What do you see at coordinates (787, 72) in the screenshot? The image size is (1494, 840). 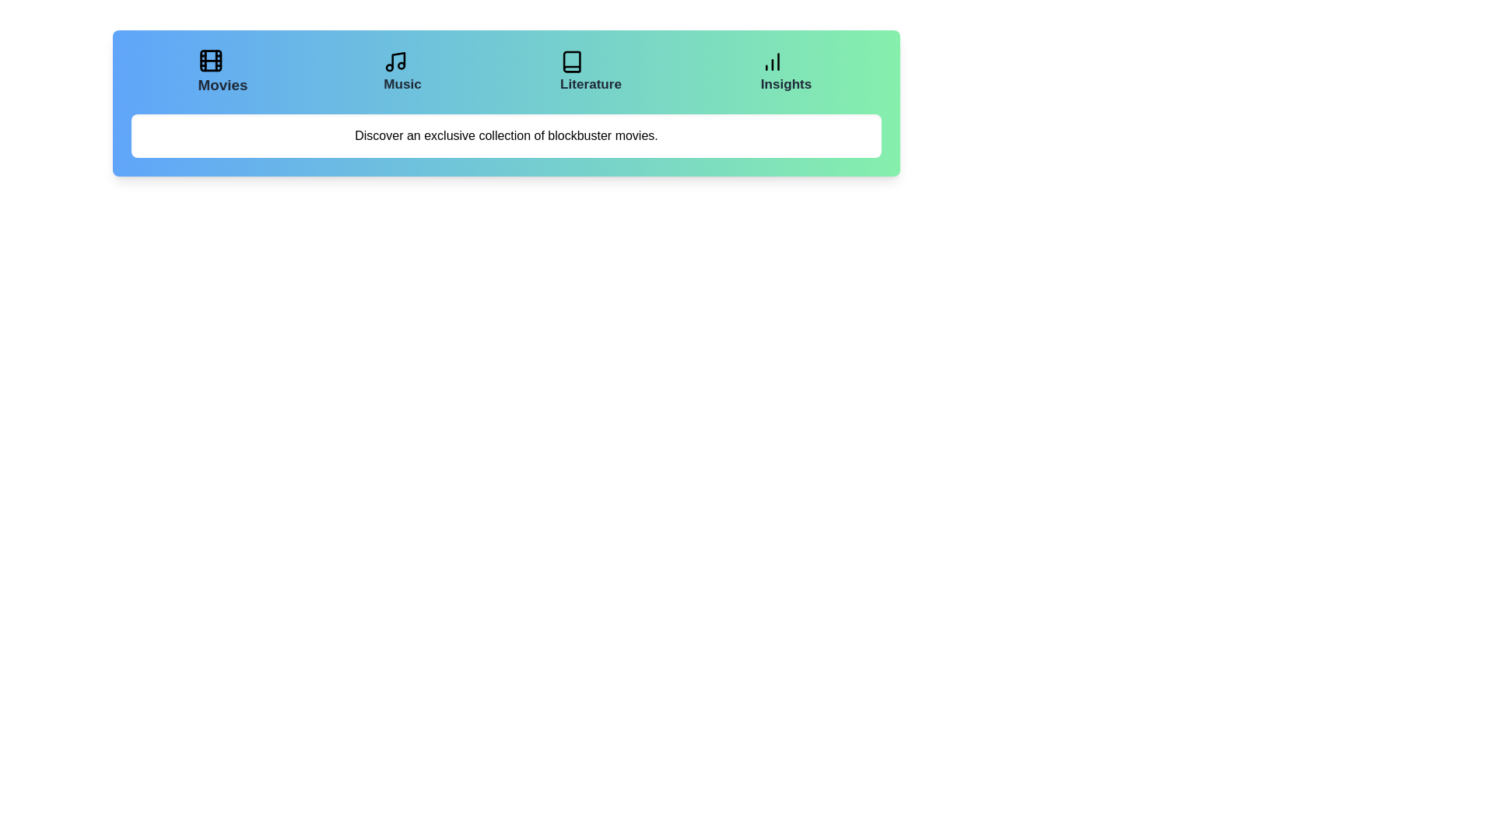 I see `the tab labeled Insights` at bounding box center [787, 72].